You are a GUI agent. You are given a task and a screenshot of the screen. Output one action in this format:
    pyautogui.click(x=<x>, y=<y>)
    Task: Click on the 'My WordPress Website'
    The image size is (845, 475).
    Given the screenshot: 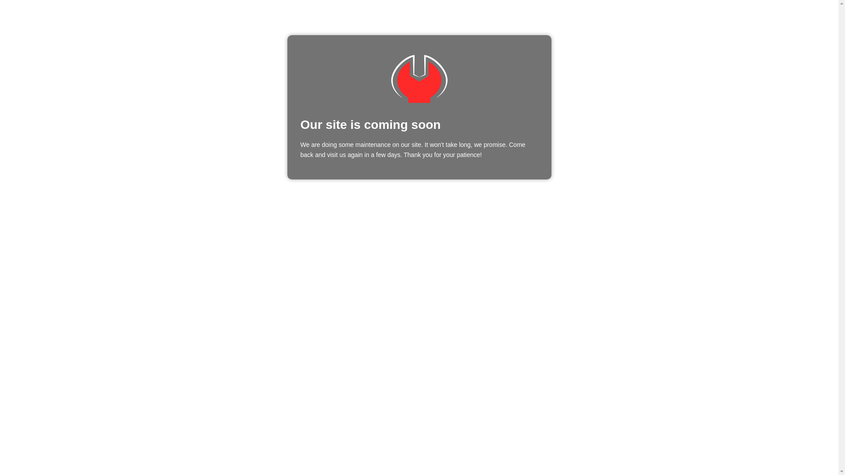 What is the action you would take?
    pyautogui.click(x=418, y=78)
    